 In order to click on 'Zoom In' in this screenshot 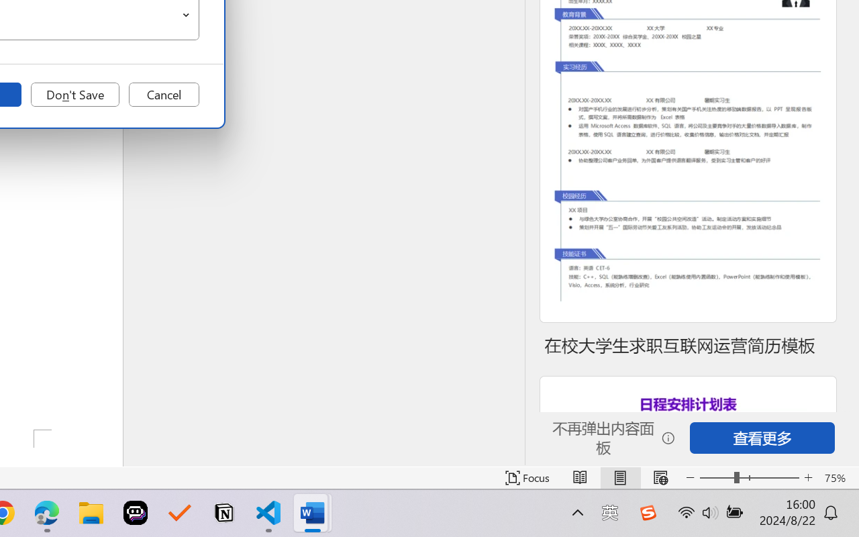, I will do `click(808, 477)`.